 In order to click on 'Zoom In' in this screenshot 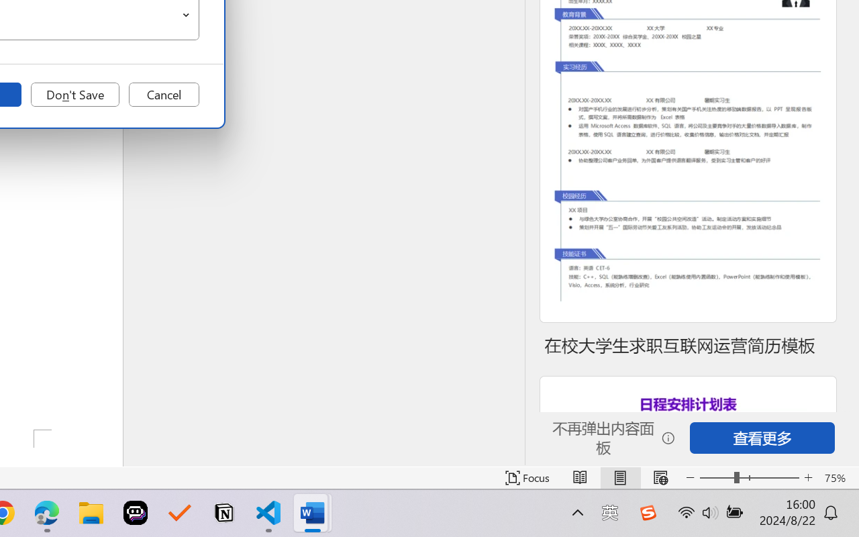, I will do `click(808, 477)`.